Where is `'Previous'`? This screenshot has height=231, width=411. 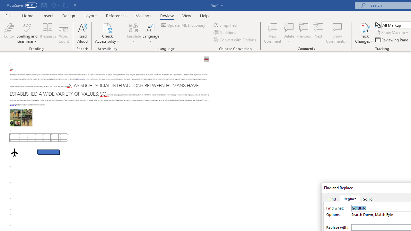 'Previous' is located at coordinates (303, 33).